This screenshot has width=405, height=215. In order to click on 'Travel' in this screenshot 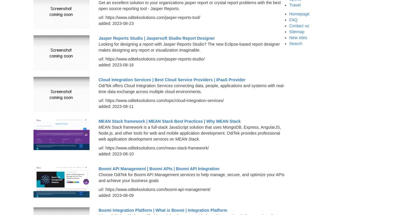, I will do `click(295, 5)`.